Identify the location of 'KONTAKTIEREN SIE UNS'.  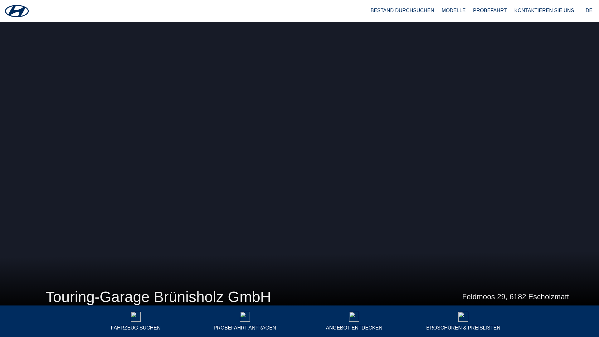
(543, 11).